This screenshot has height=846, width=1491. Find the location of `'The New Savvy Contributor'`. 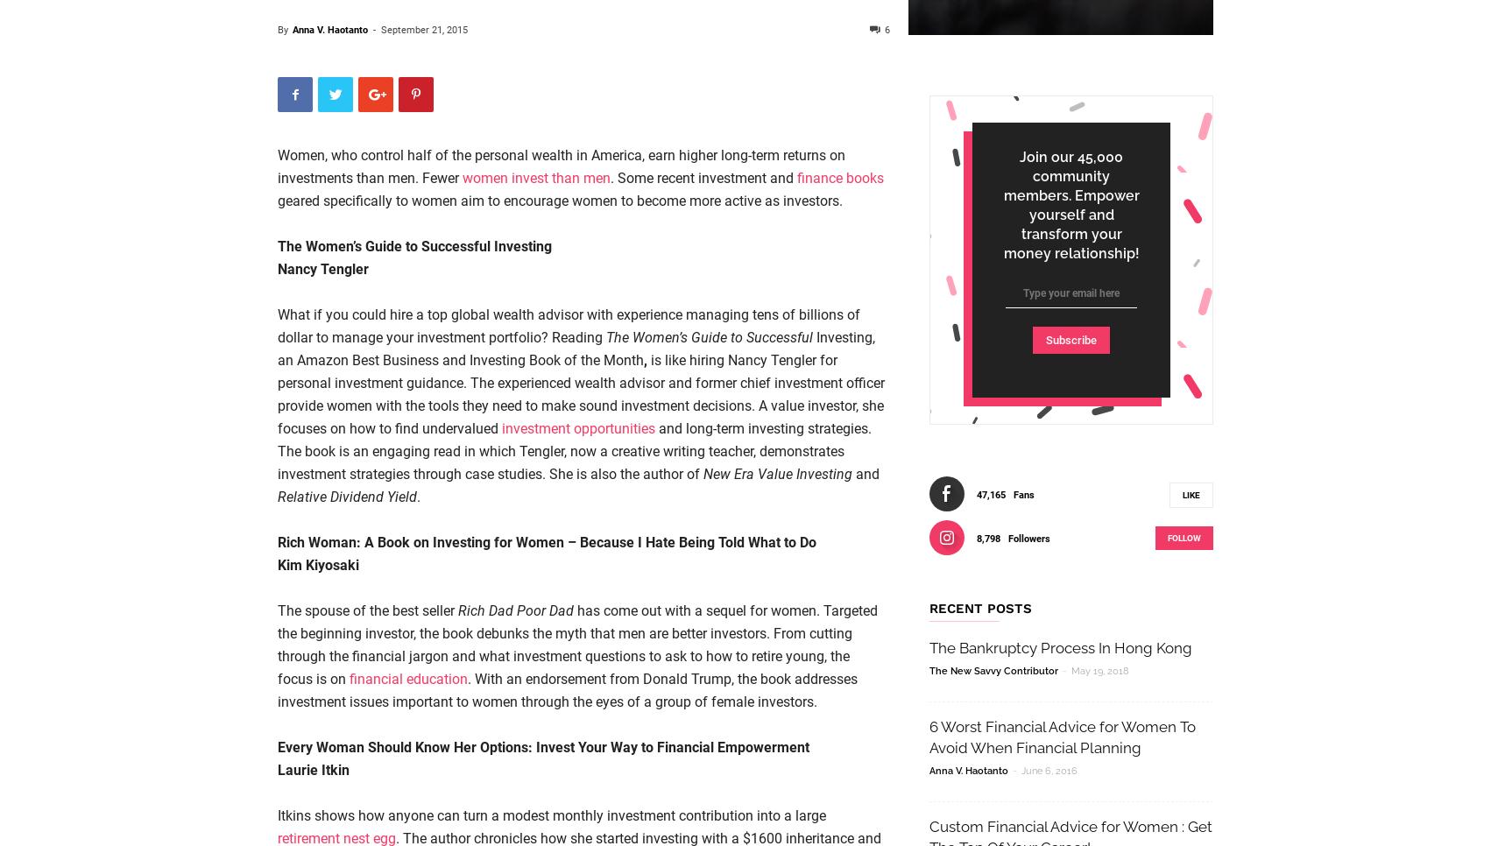

'The New Savvy Contributor' is located at coordinates (993, 670).